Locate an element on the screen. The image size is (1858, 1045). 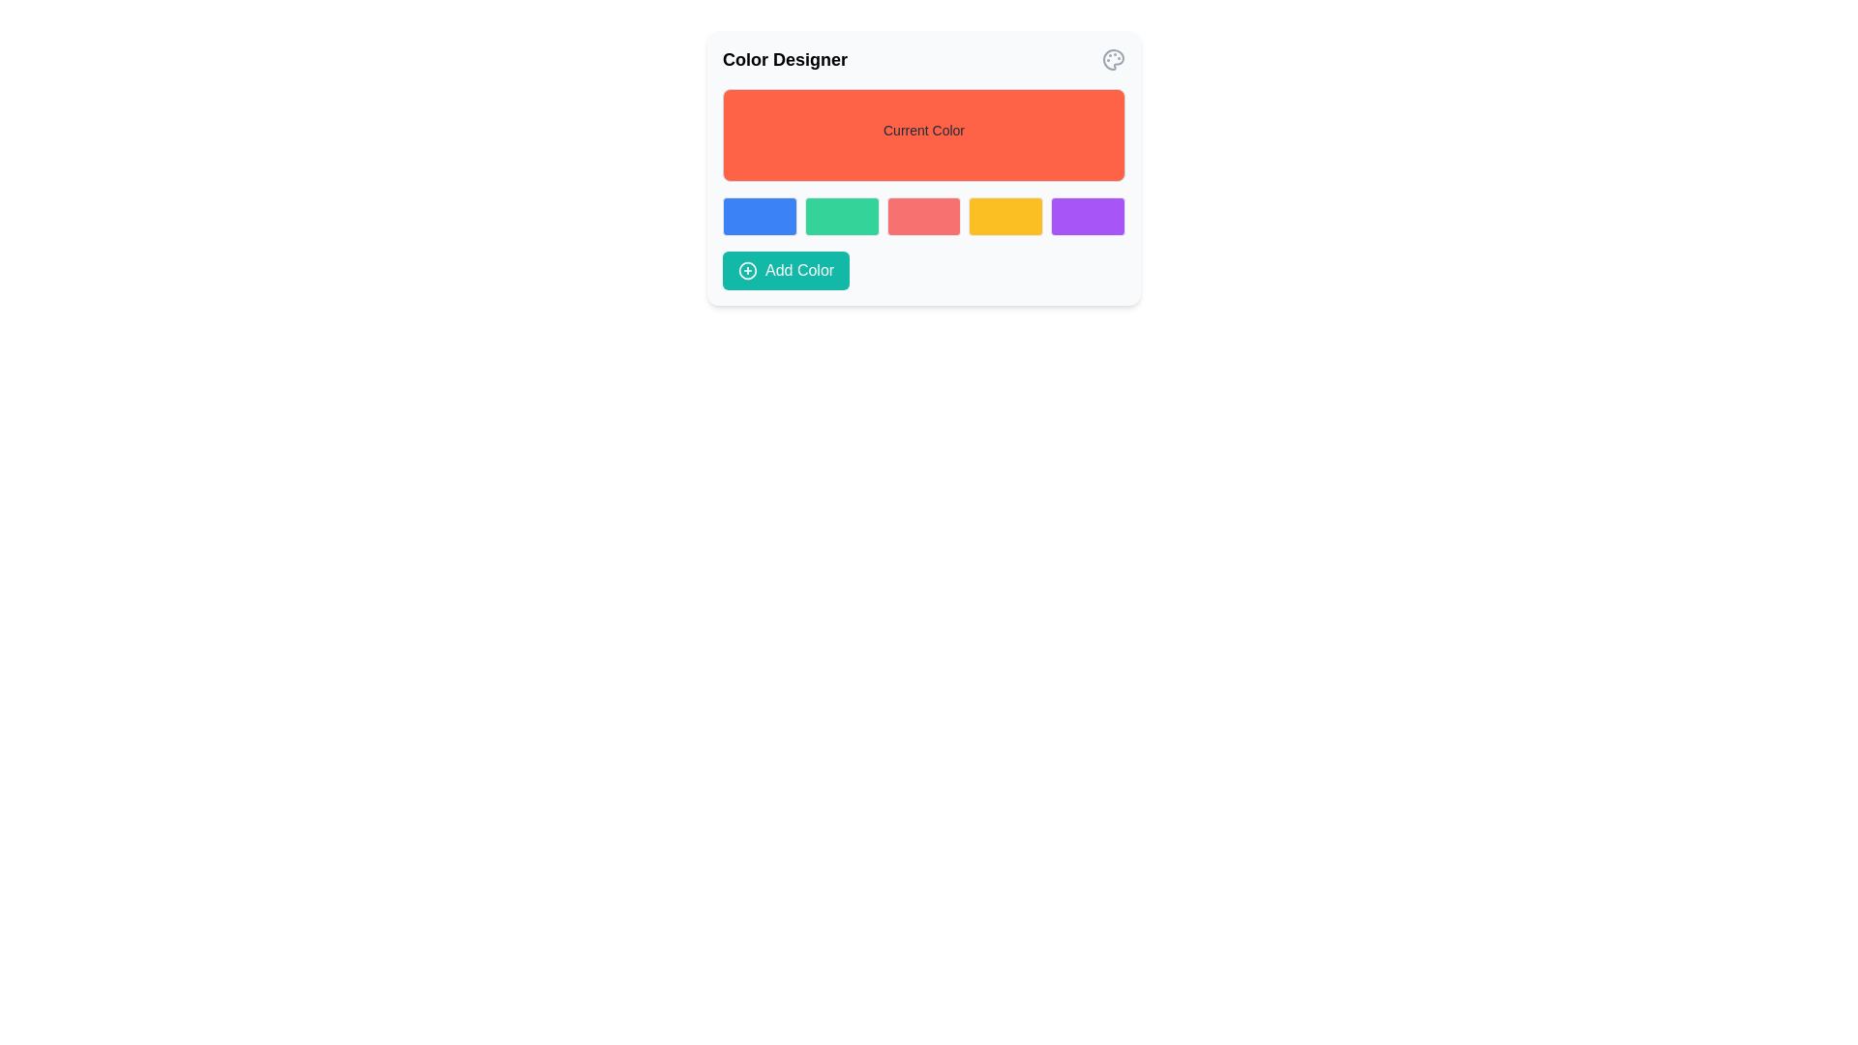
the fifth selectable color swatch, which is a vivid purple rectangular block with rounded corners and a border is located at coordinates (1088, 216).